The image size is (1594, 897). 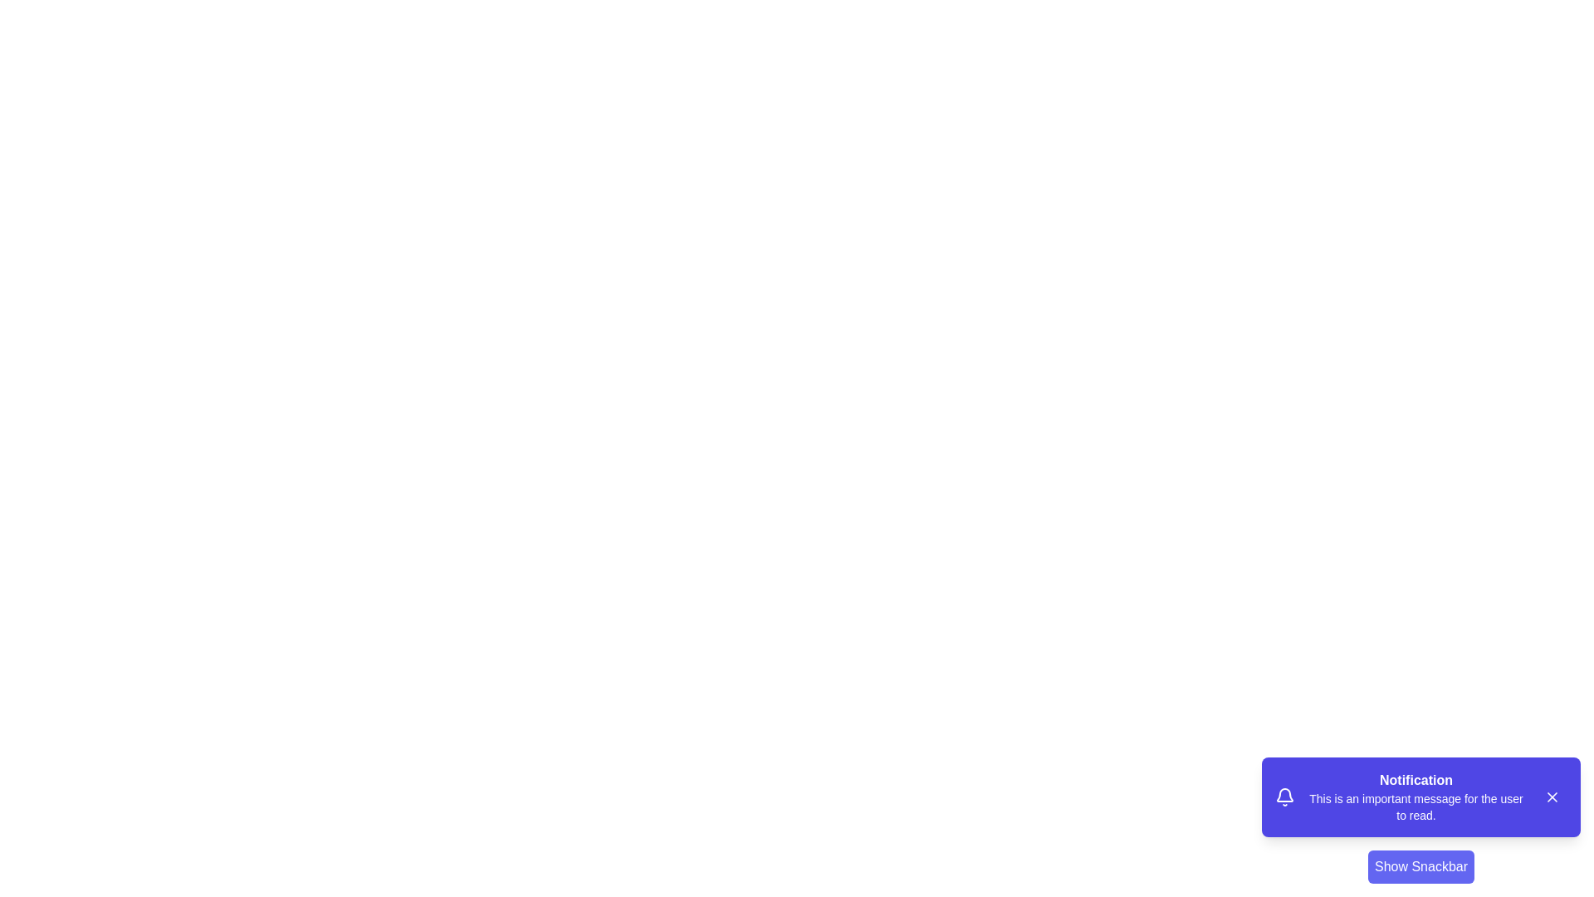 What do you see at coordinates (1420, 866) in the screenshot?
I see `the button labeled 'Show Snackbar' with a vibrant indigo background` at bounding box center [1420, 866].